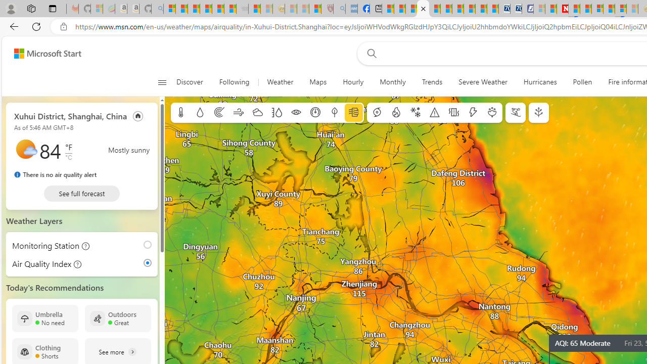 The image size is (647, 364). I want to click on 'MSNBC - MSN', so click(388, 9).